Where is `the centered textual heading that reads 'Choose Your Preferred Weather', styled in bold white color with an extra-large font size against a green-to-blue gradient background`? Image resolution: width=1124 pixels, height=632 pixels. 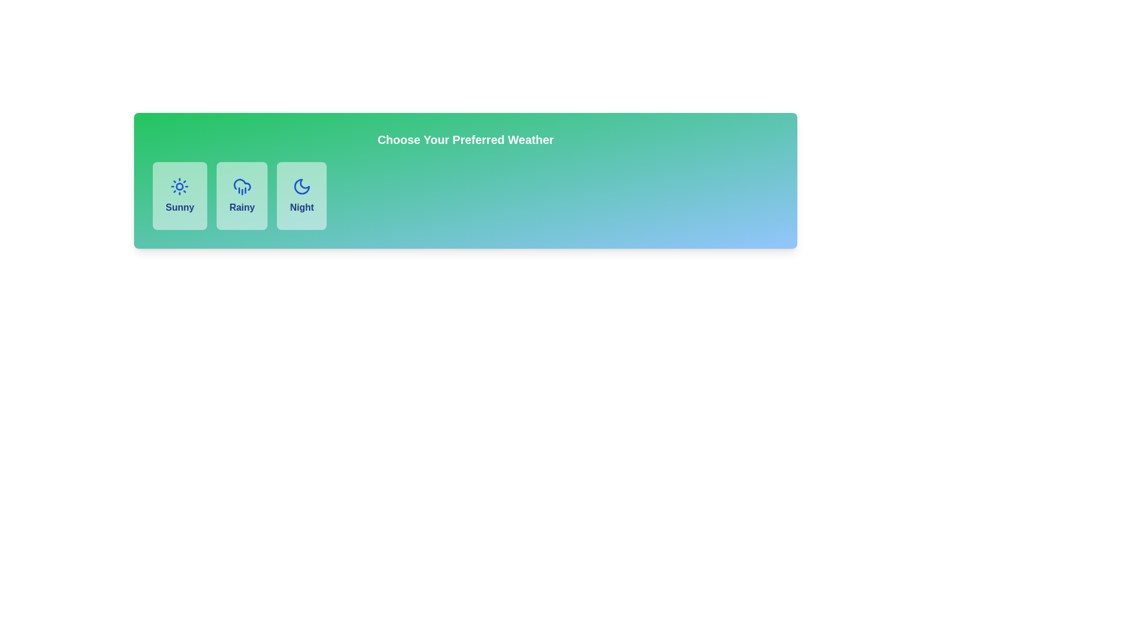 the centered textual heading that reads 'Choose Your Preferred Weather', styled in bold white color with an extra-large font size against a green-to-blue gradient background is located at coordinates (465, 139).